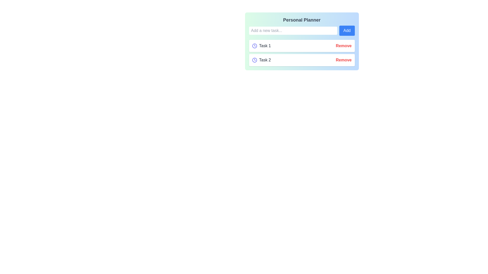  What do you see at coordinates (344, 46) in the screenshot?
I see `the button labeled Remove to observe visual feedback` at bounding box center [344, 46].